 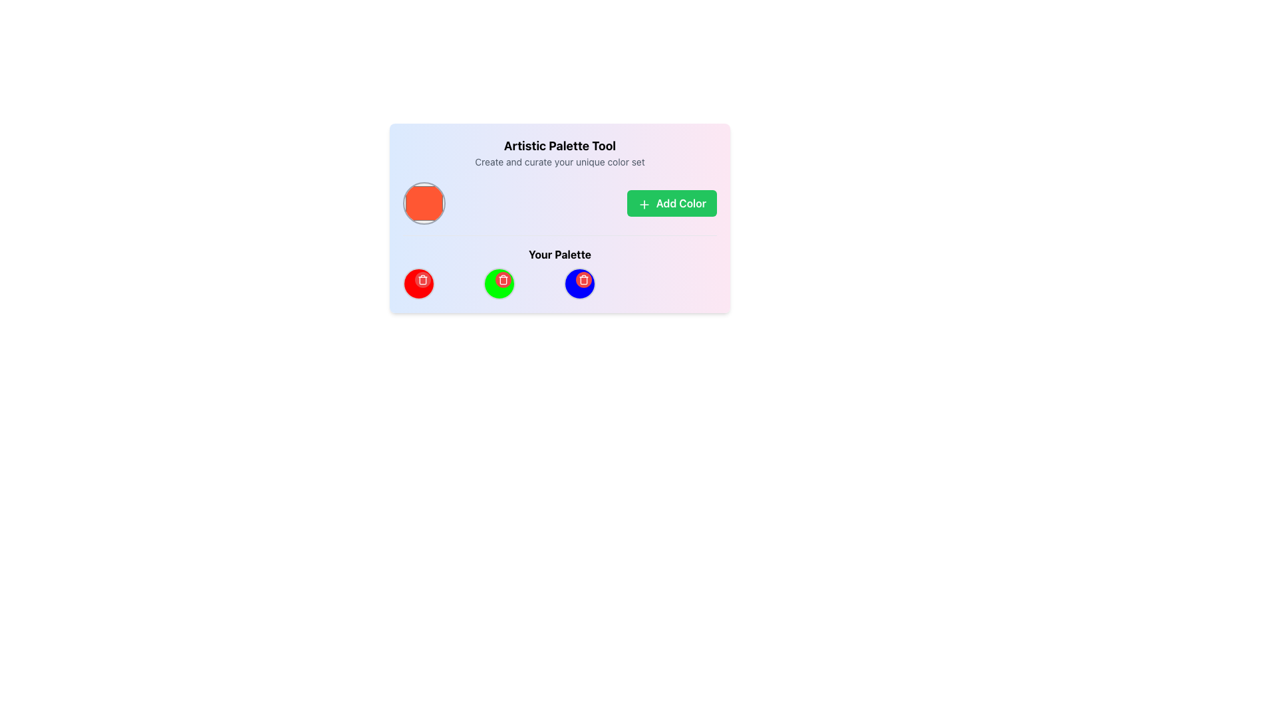 I want to click on the button located in the 'Artistic Palette Tool' section, positioned to the right of the circular orange color swatch, so click(x=671, y=203).